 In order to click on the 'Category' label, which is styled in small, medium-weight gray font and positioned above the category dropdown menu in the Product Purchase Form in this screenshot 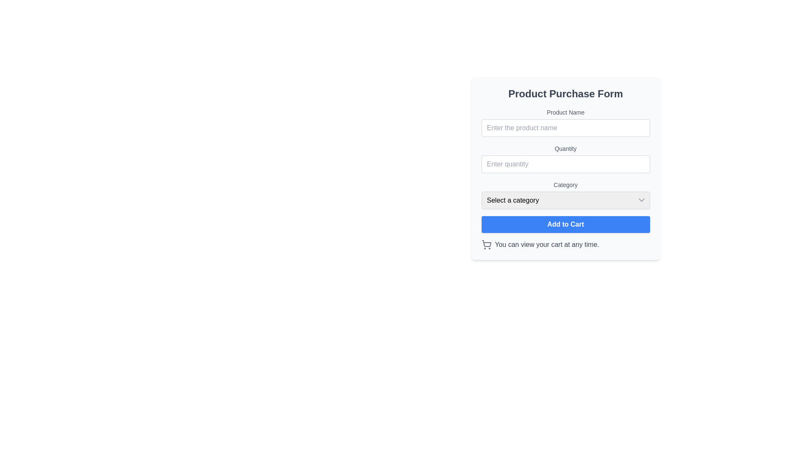, I will do `click(565, 185)`.